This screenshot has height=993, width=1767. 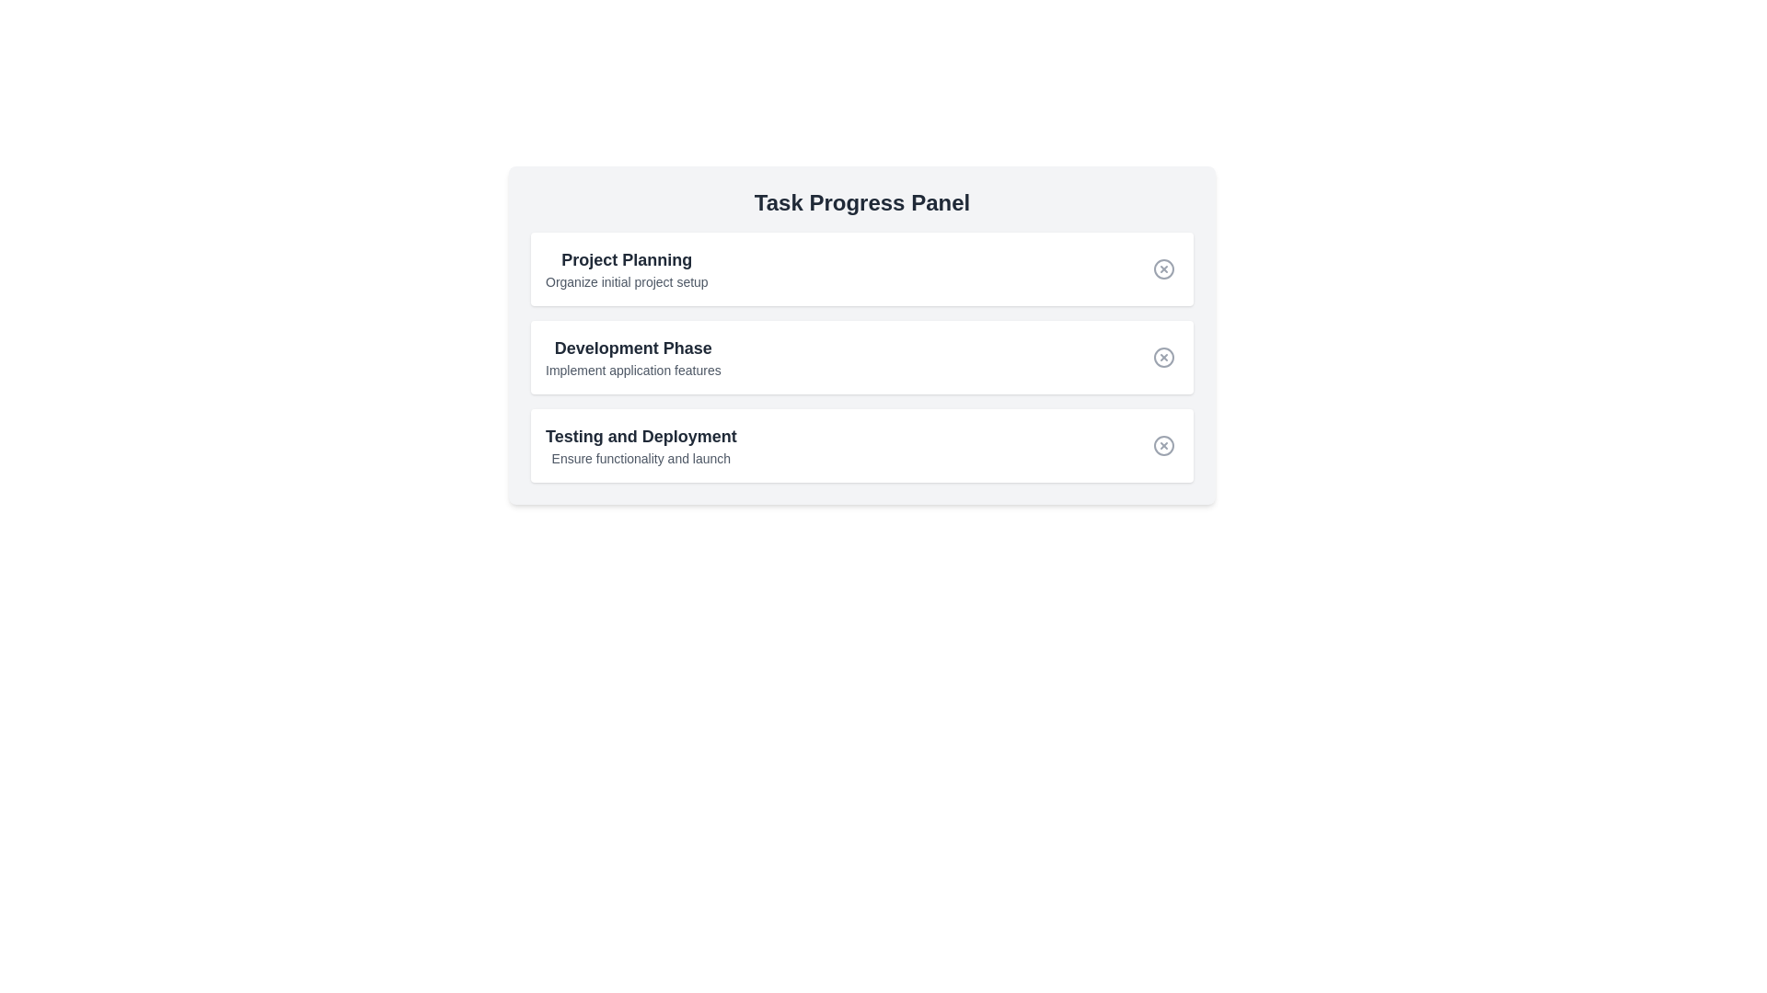 What do you see at coordinates (627, 269) in the screenshot?
I see `text content of the first task's Text Block in the Task Progress Panel` at bounding box center [627, 269].